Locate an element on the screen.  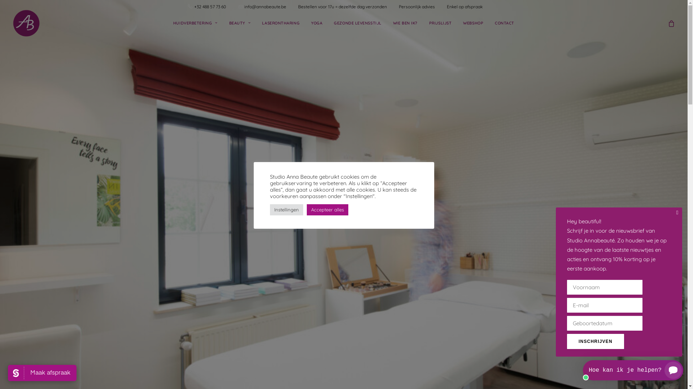
'HUIDVERBETERING' is located at coordinates (195, 23).